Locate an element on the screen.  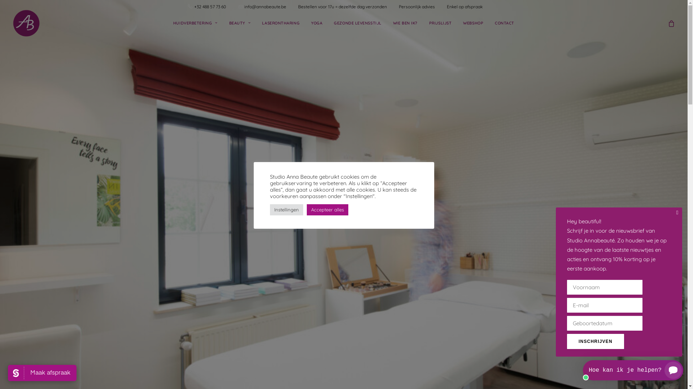
'HUIDVERBETERING' is located at coordinates (195, 23).